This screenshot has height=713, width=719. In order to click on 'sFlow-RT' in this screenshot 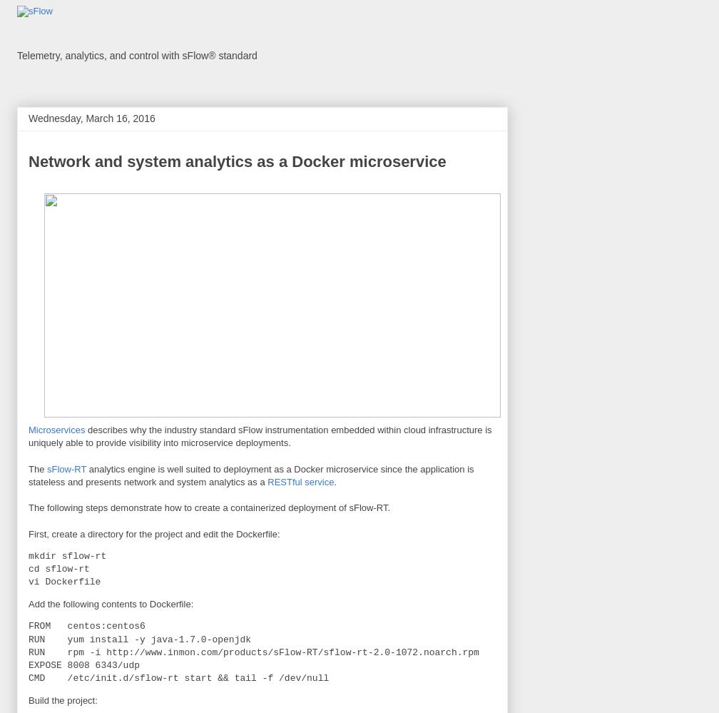, I will do `click(66, 467)`.